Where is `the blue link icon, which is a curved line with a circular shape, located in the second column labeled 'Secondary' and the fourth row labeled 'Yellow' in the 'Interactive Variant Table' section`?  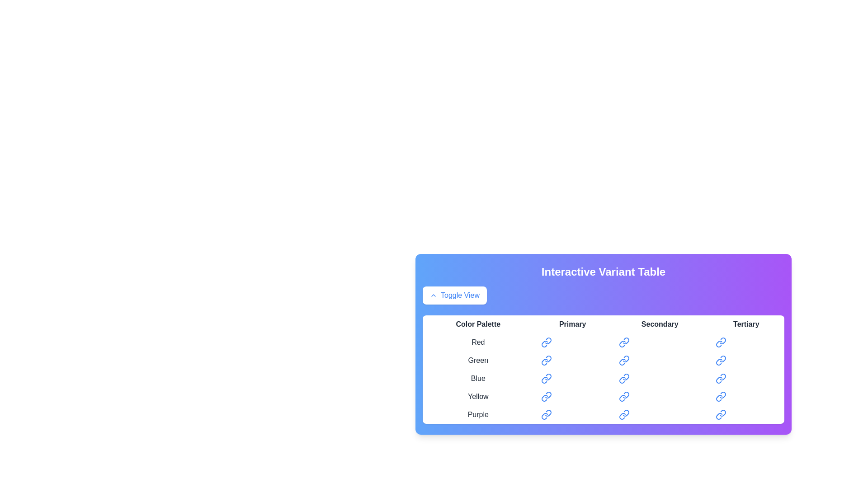 the blue link icon, which is a curved line with a circular shape, located in the second column labeled 'Secondary' and the fourth row labeled 'Yellow' in the 'Interactive Variant Table' section is located at coordinates (625, 394).